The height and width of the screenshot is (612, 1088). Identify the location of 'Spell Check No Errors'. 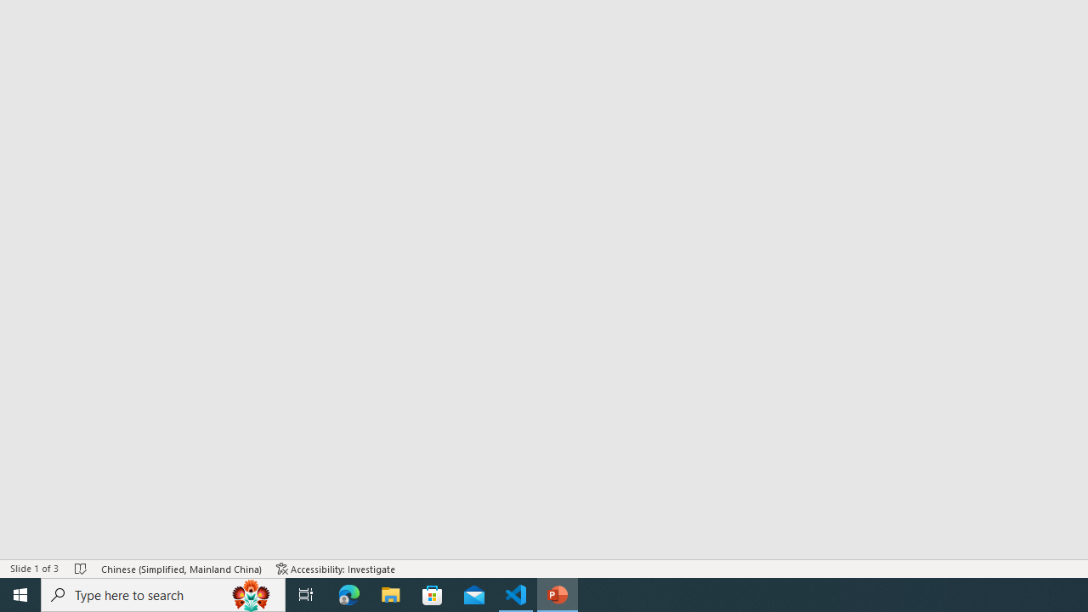
(81, 569).